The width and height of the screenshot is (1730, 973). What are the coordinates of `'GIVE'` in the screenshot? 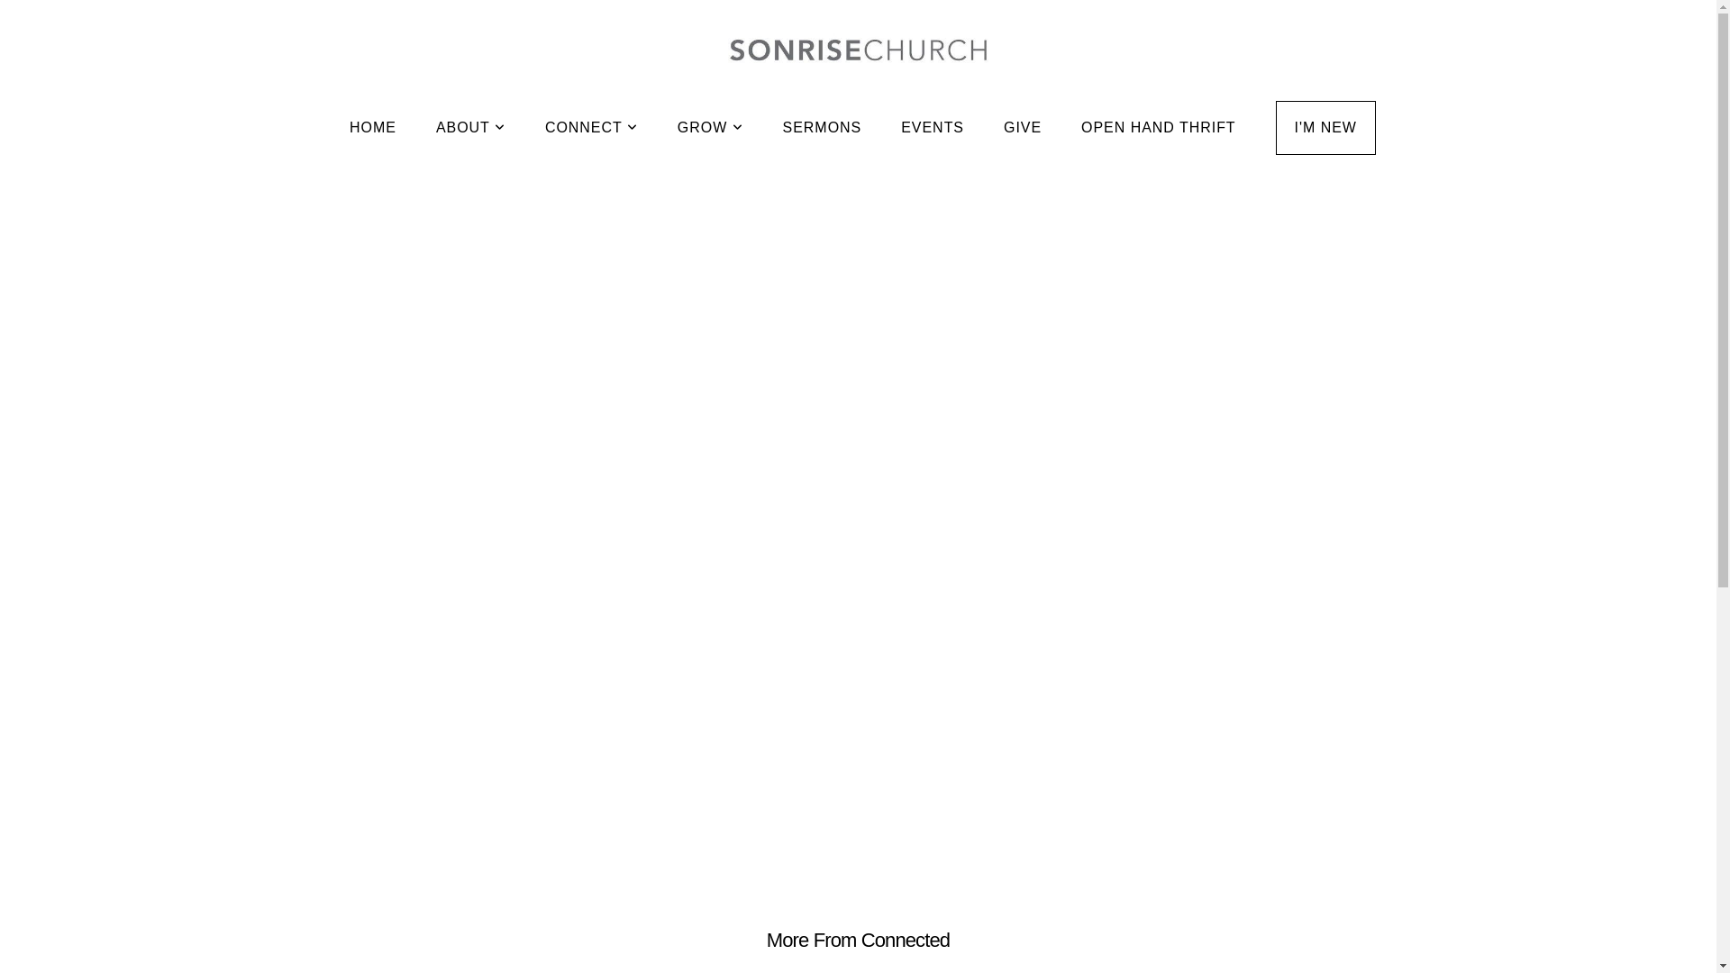 It's located at (1022, 127).